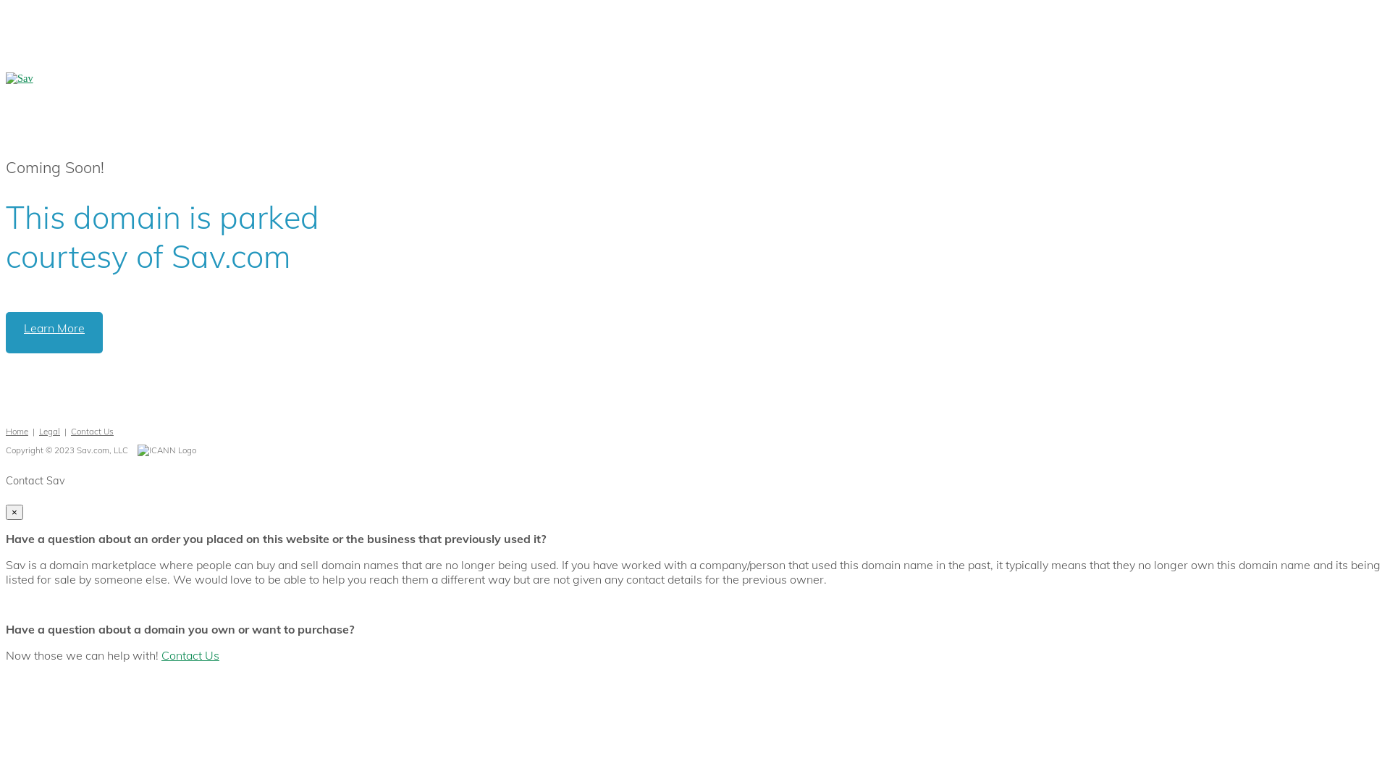 The height and width of the screenshot is (782, 1390). I want to click on 'Legal', so click(38, 430).